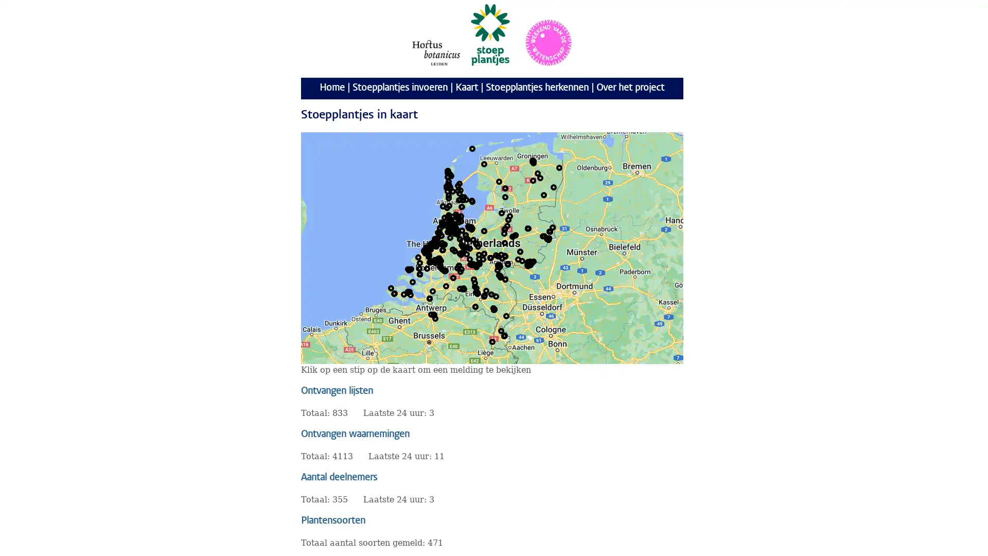  I want to click on Telling van Mika Tkauz op 05 oktober 2021, so click(435, 244).